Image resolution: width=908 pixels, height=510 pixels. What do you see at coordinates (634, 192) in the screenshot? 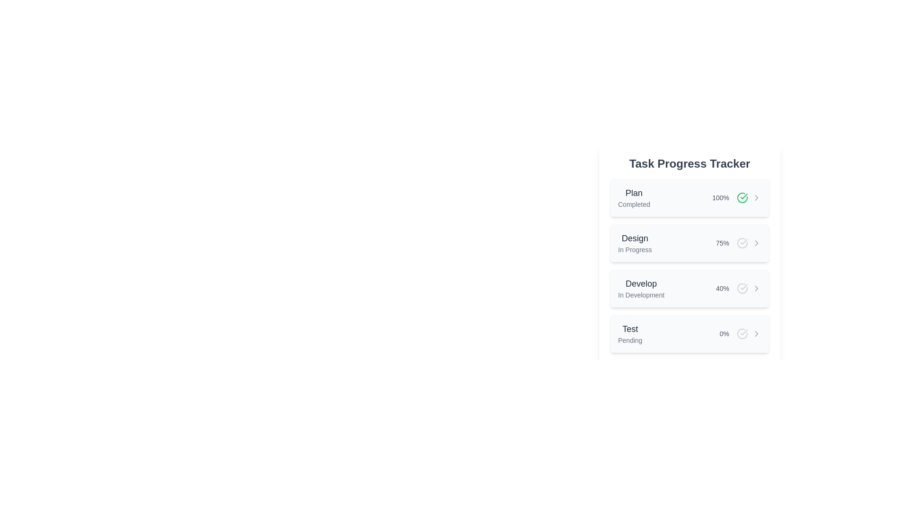
I see `the 'Plan' text label which indicates the stage in the task progression tracker, positioned at the top of the progress section` at bounding box center [634, 192].